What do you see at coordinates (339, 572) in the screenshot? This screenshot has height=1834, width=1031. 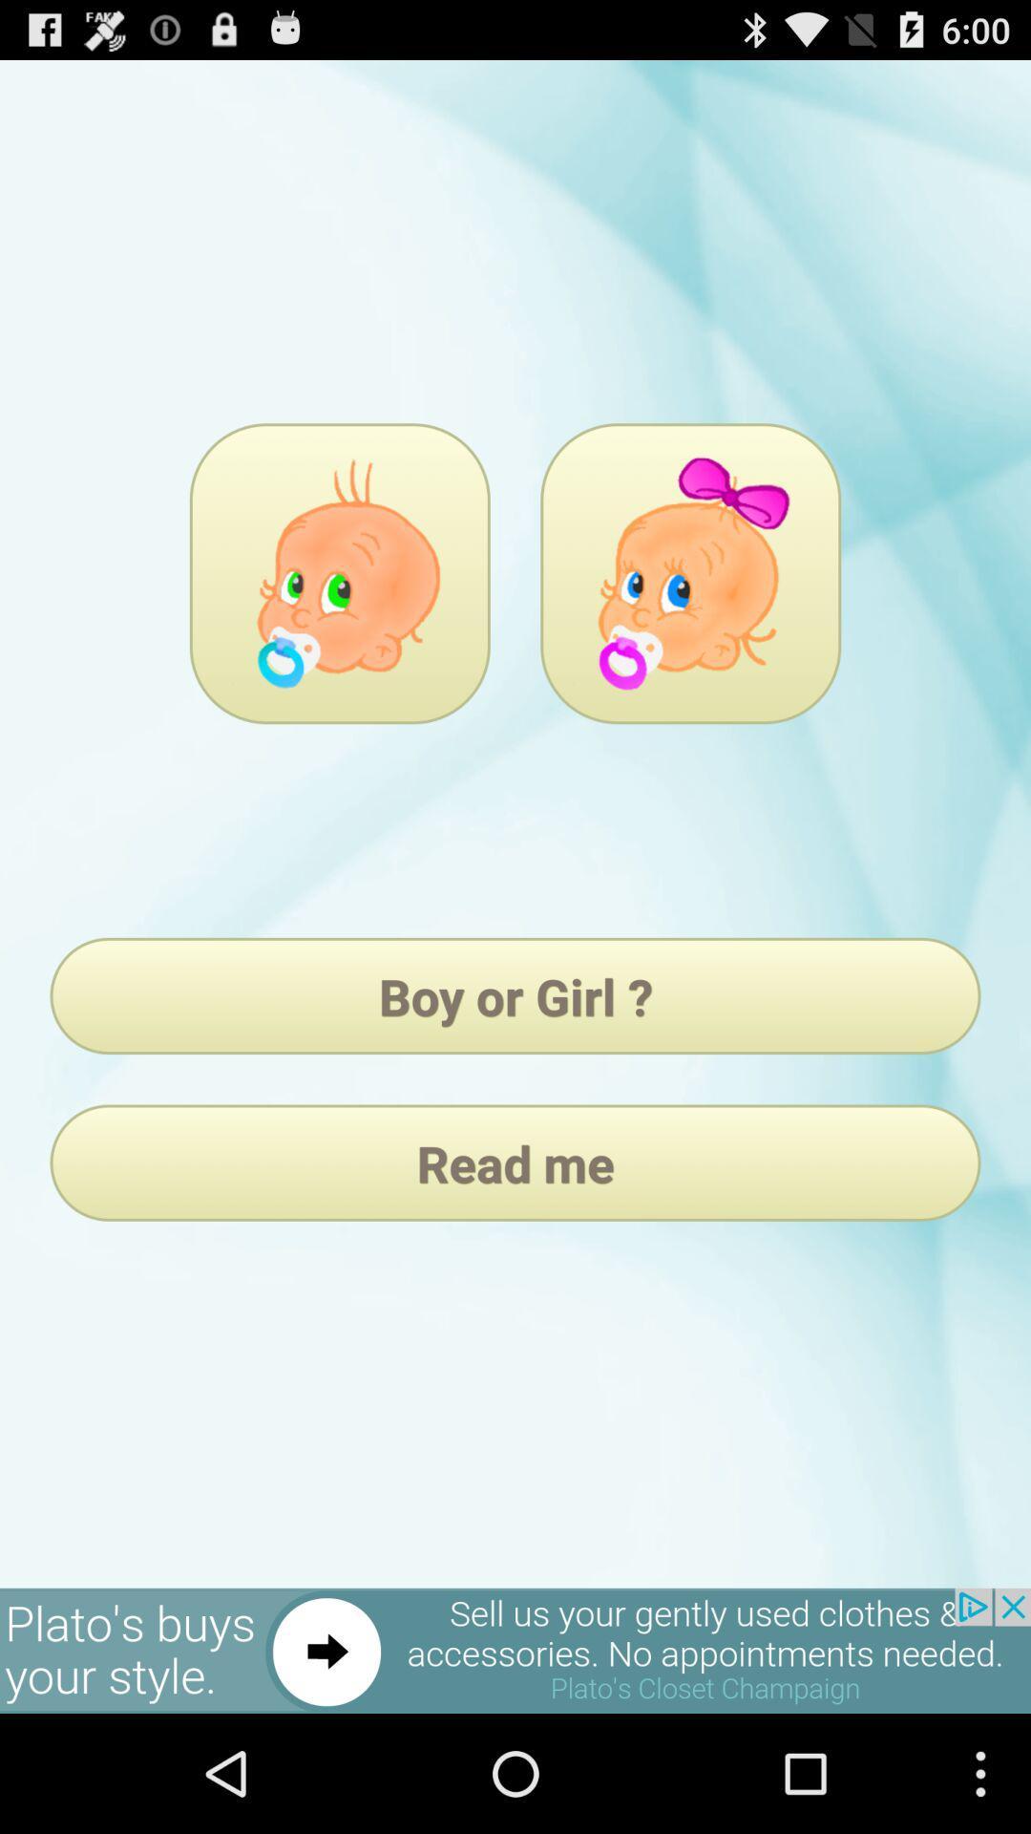 I see `game page` at bounding box center [339, 572].